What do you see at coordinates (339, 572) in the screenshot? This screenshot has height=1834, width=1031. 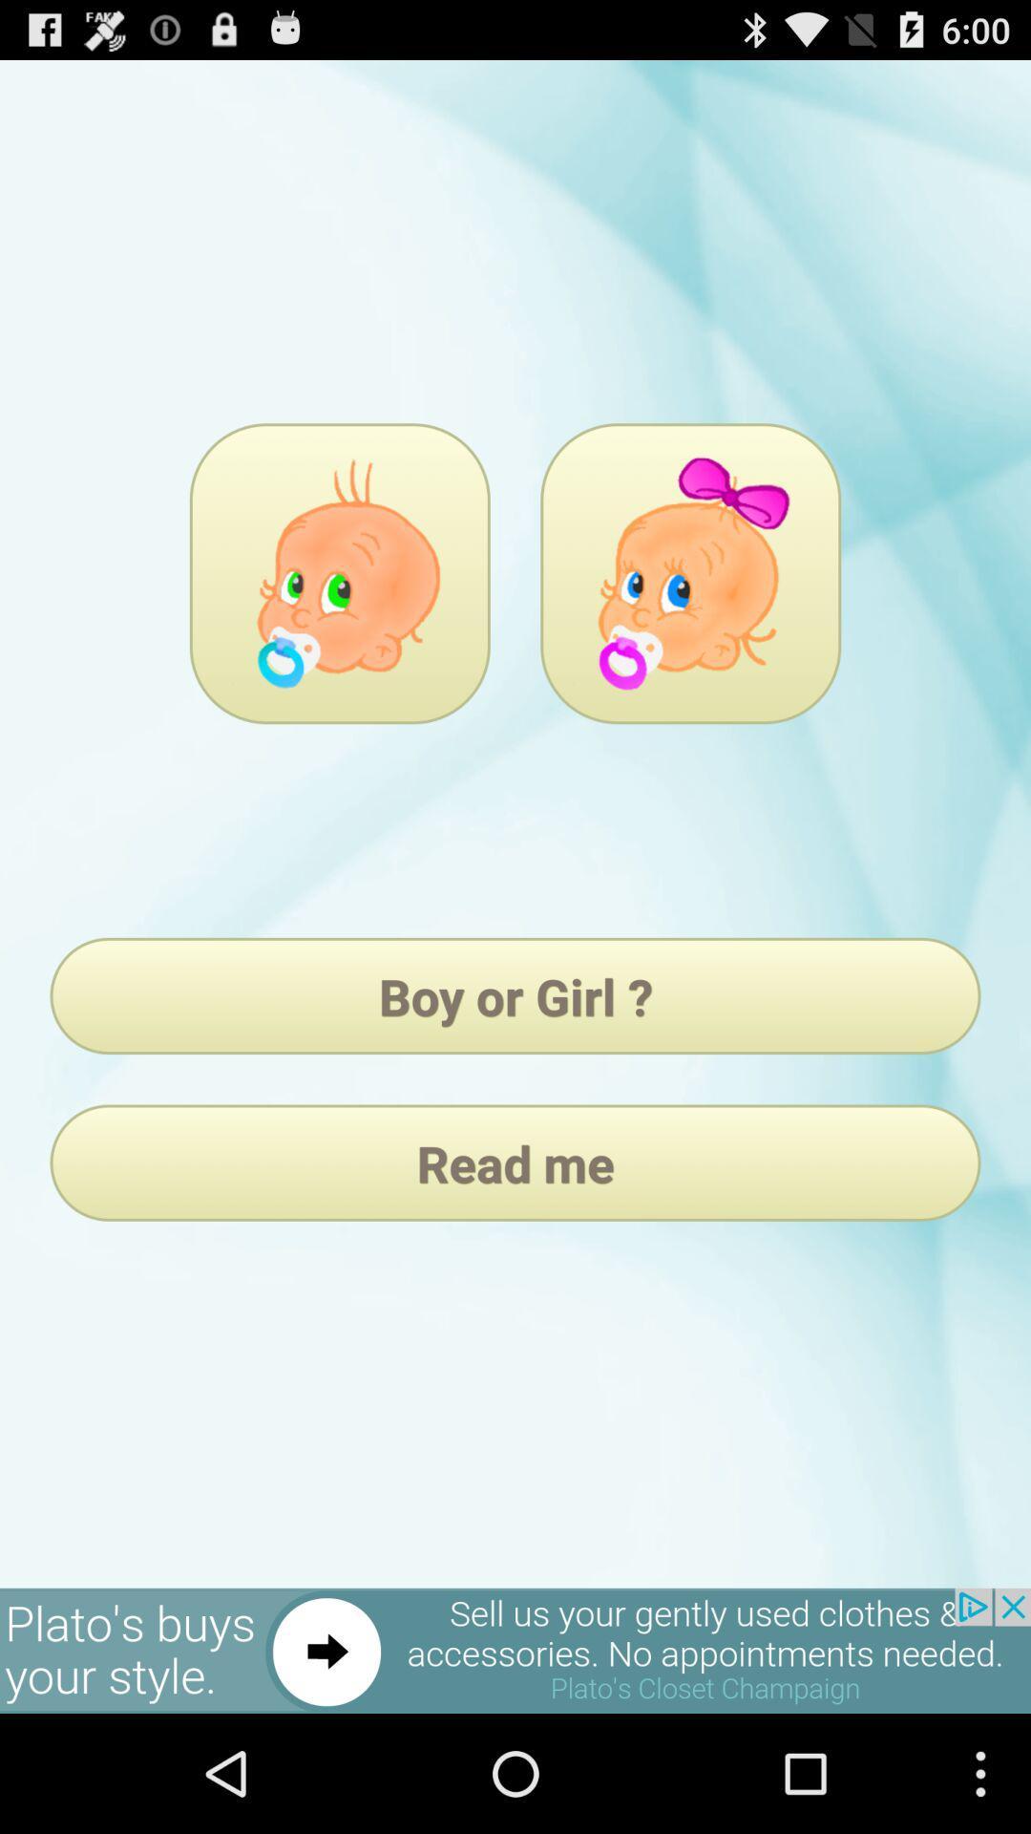 I see `game page` at bounding box center [339, 572].